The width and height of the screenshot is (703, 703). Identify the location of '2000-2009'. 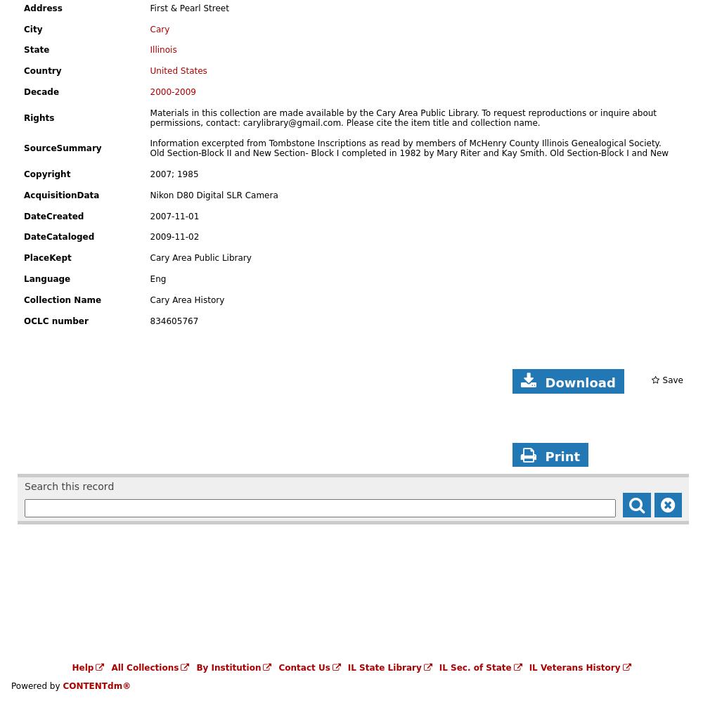
(172, 92).